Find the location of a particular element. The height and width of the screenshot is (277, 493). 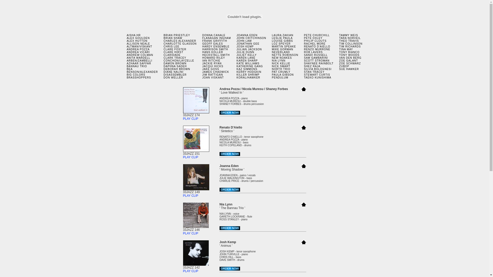

'ZOE SCHWARZ' is located at coordinates (350, 63).